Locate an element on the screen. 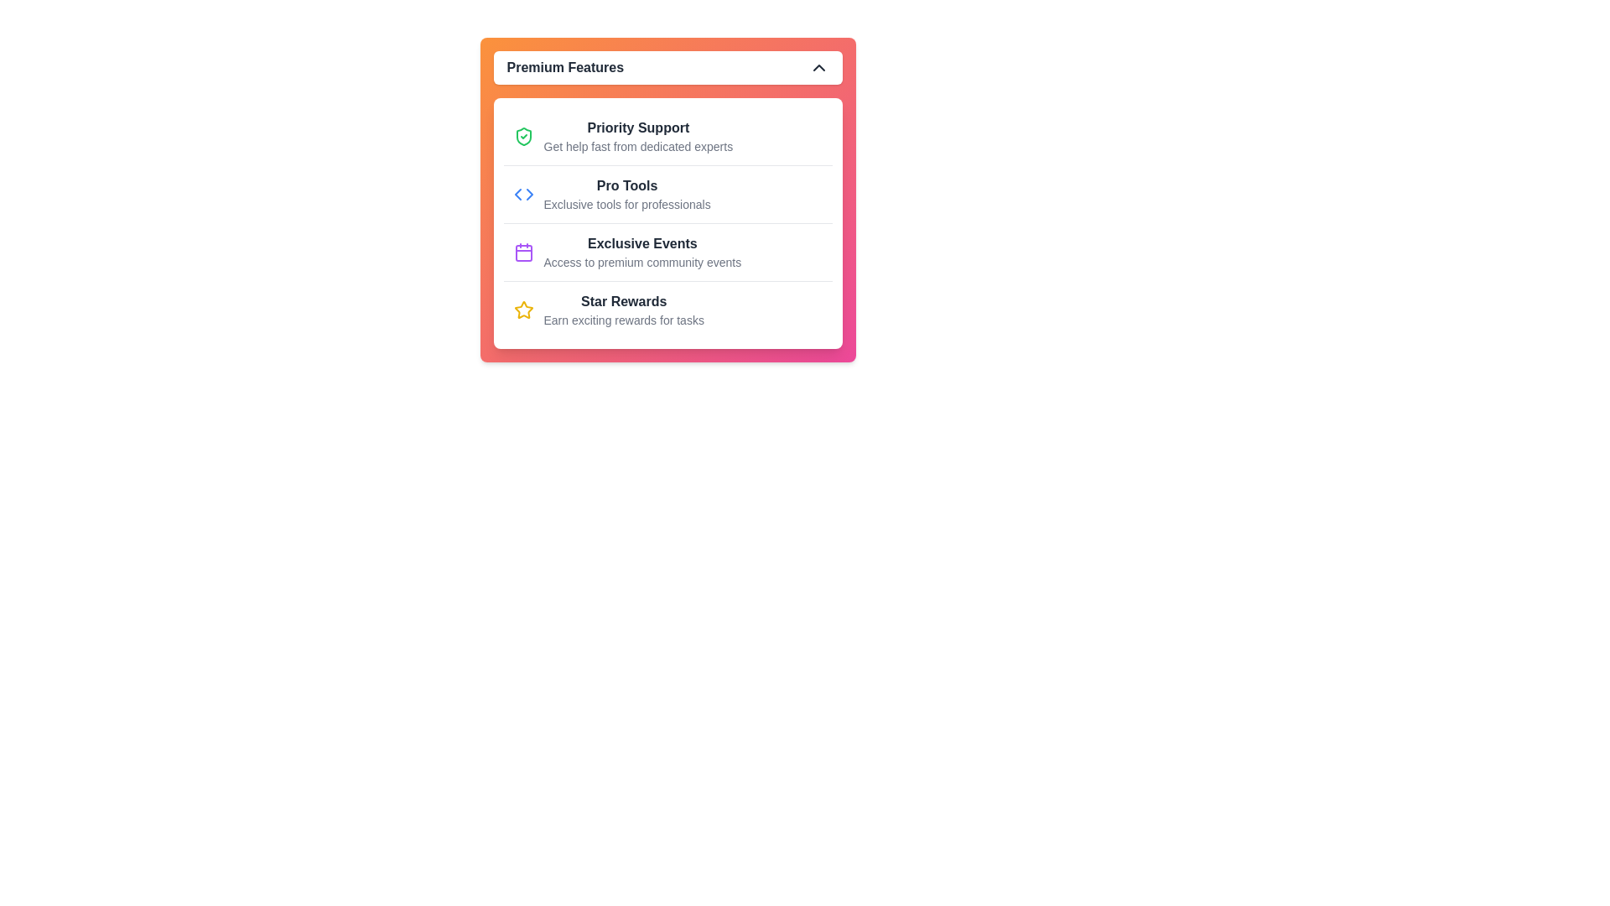  the star-shaped icon with a bright yellow color that is located to the left of the 'Star Rewards' text label in the 'Premium Features' panel is located at coordinates (522, 310).